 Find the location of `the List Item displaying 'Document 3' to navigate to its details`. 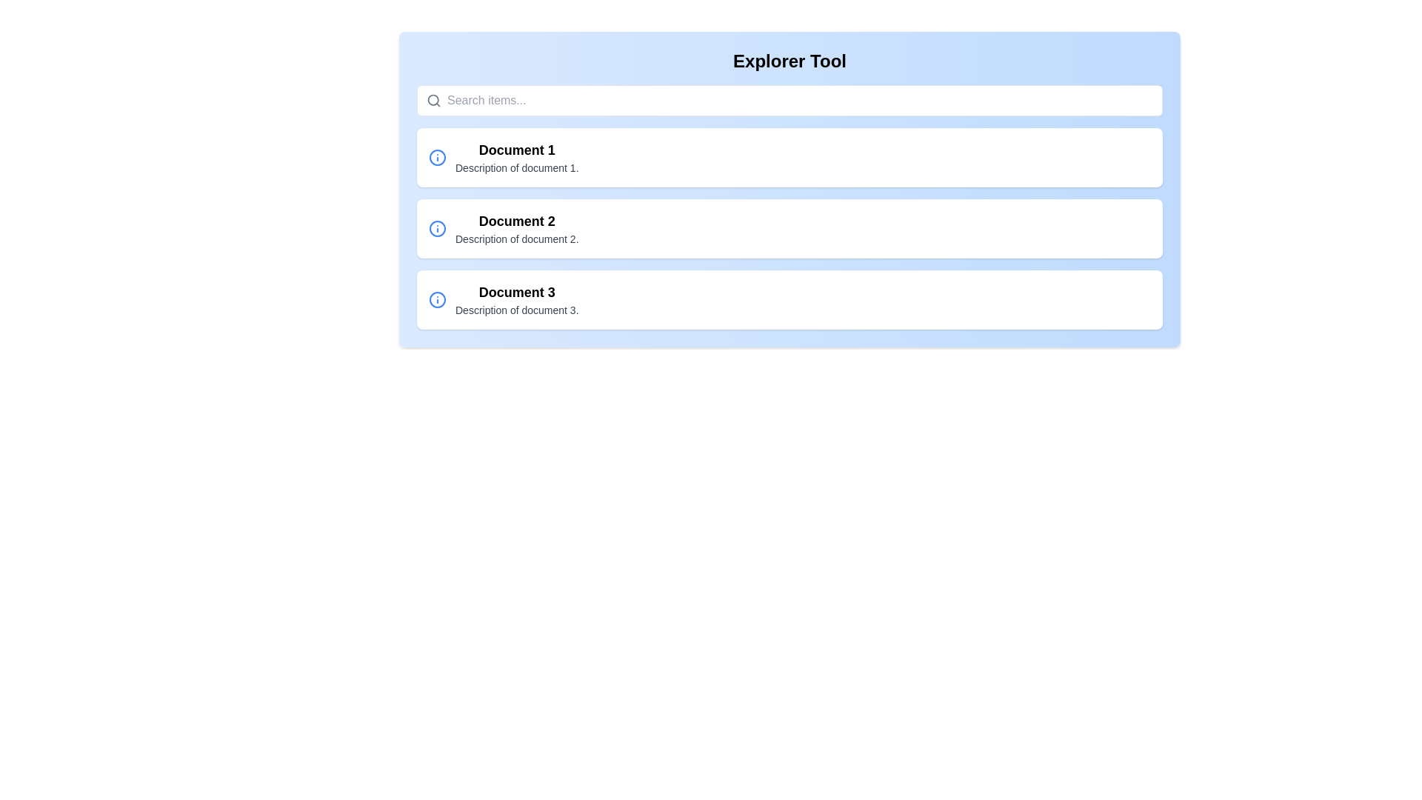

the List Item displaying 'Document 3' to navigate to its details is located at coordinates (789, 300).